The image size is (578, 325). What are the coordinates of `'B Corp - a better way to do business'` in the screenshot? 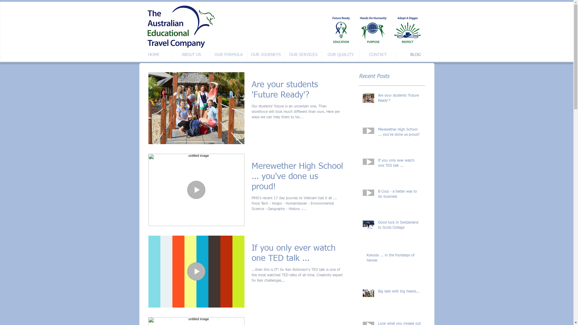 It's located at (378, 196).